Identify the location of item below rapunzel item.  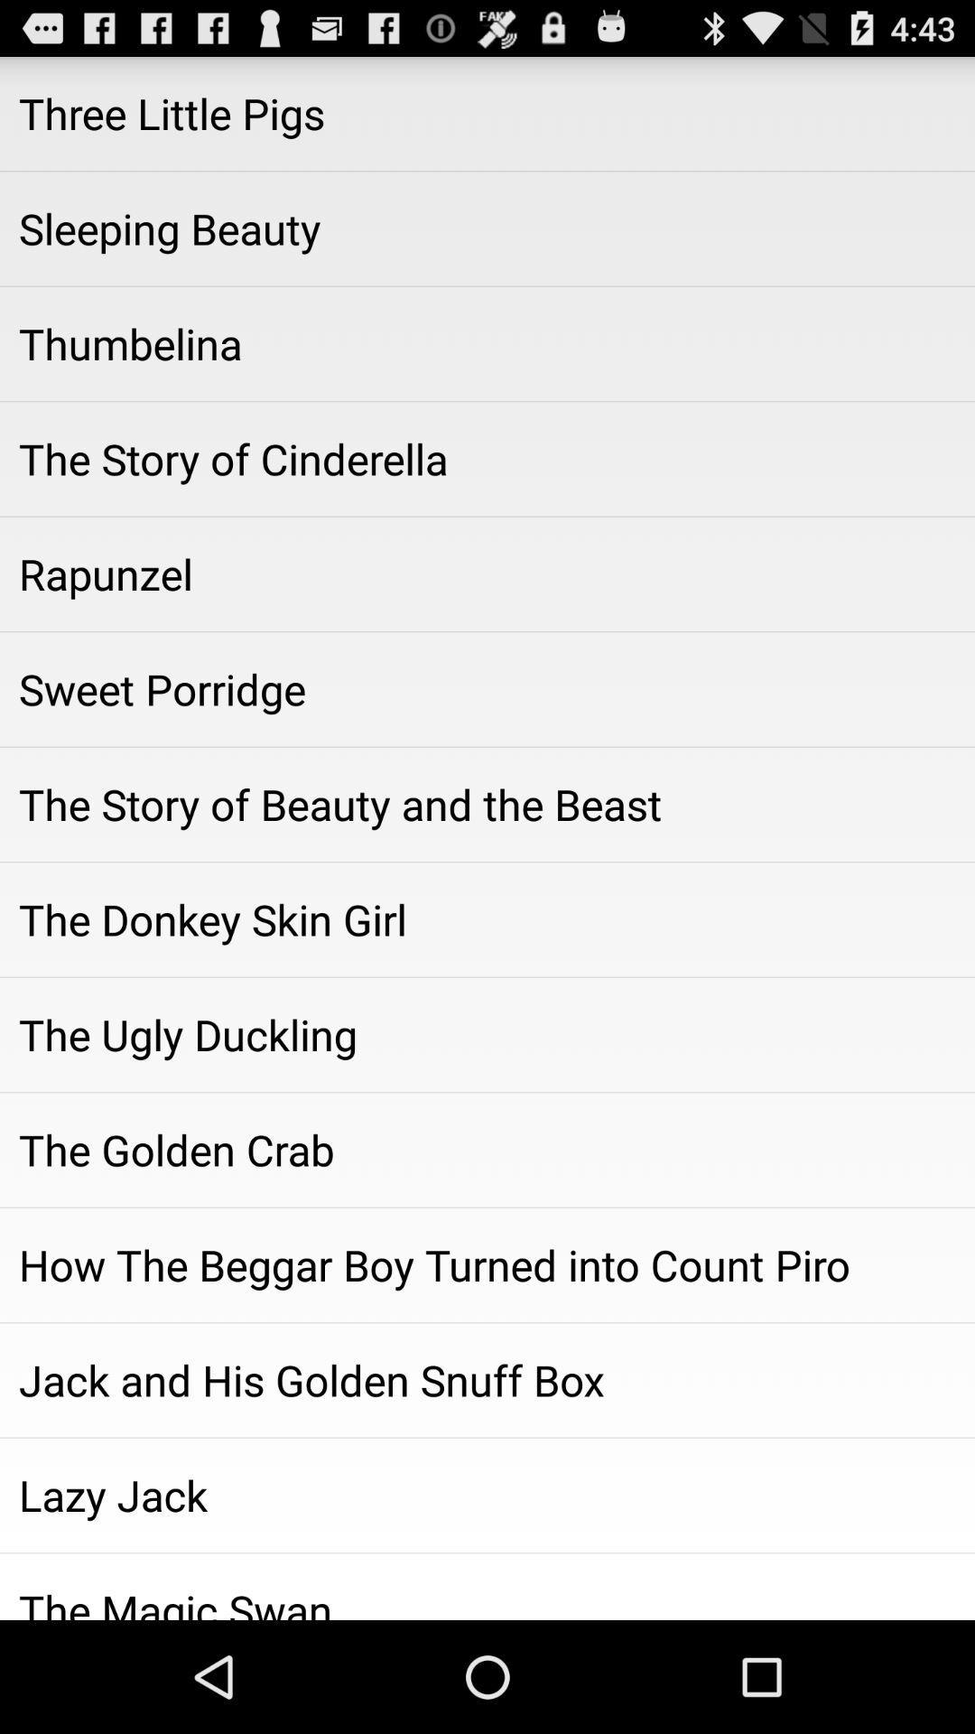
(487, 688).